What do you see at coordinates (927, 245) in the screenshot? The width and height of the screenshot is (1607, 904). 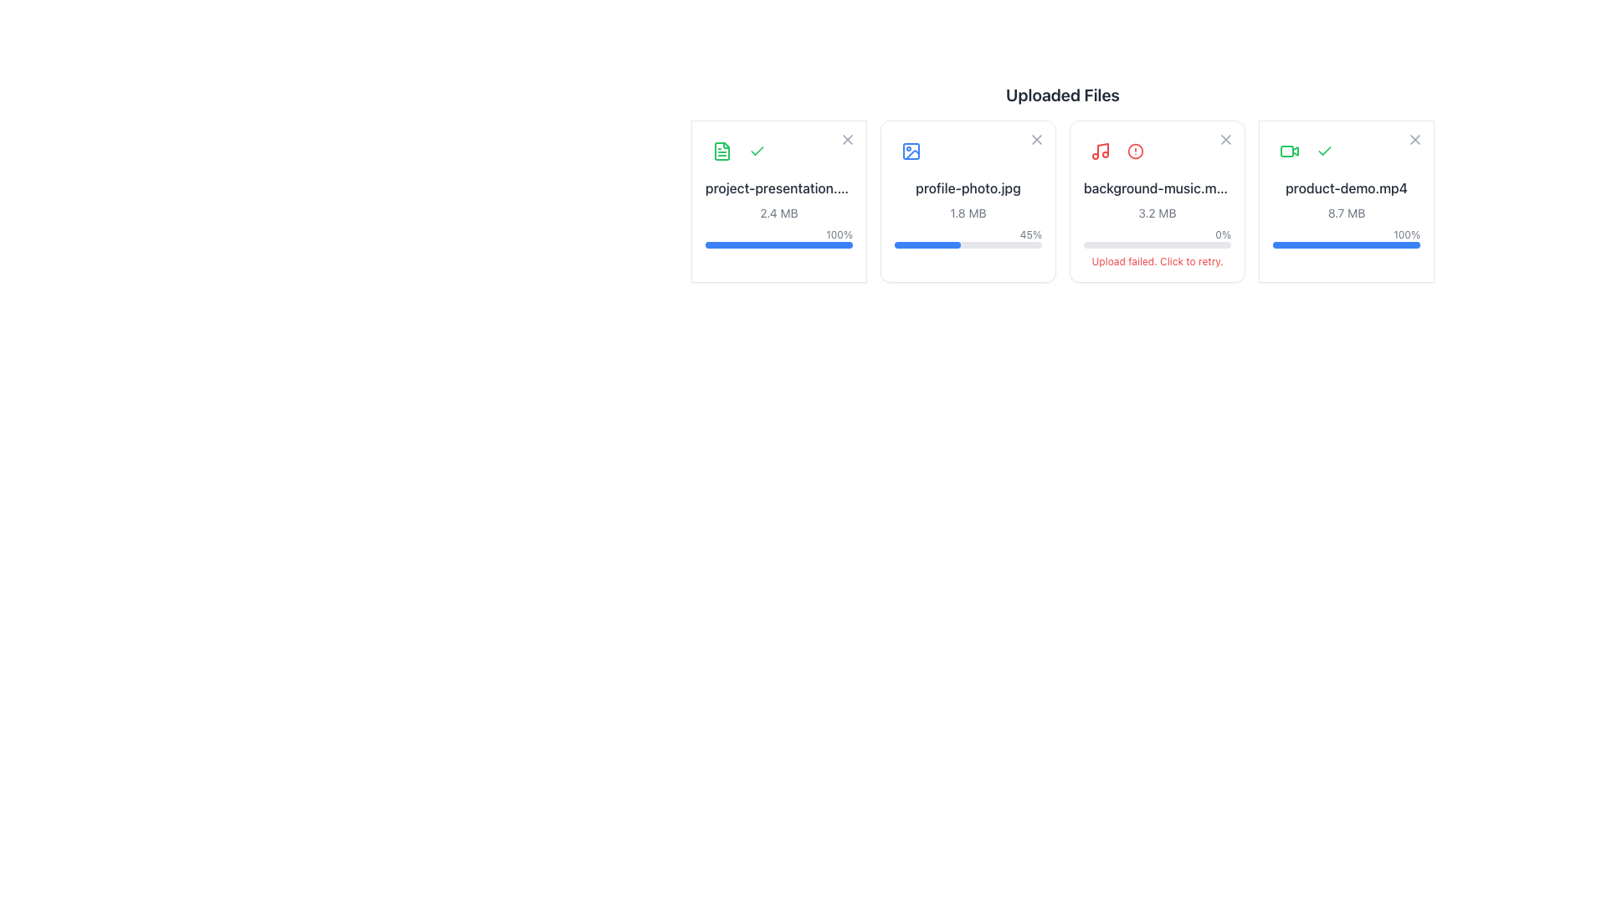 I see `the upload progress for 'profile-photo.jpg'` at bounding box center [927, 245].